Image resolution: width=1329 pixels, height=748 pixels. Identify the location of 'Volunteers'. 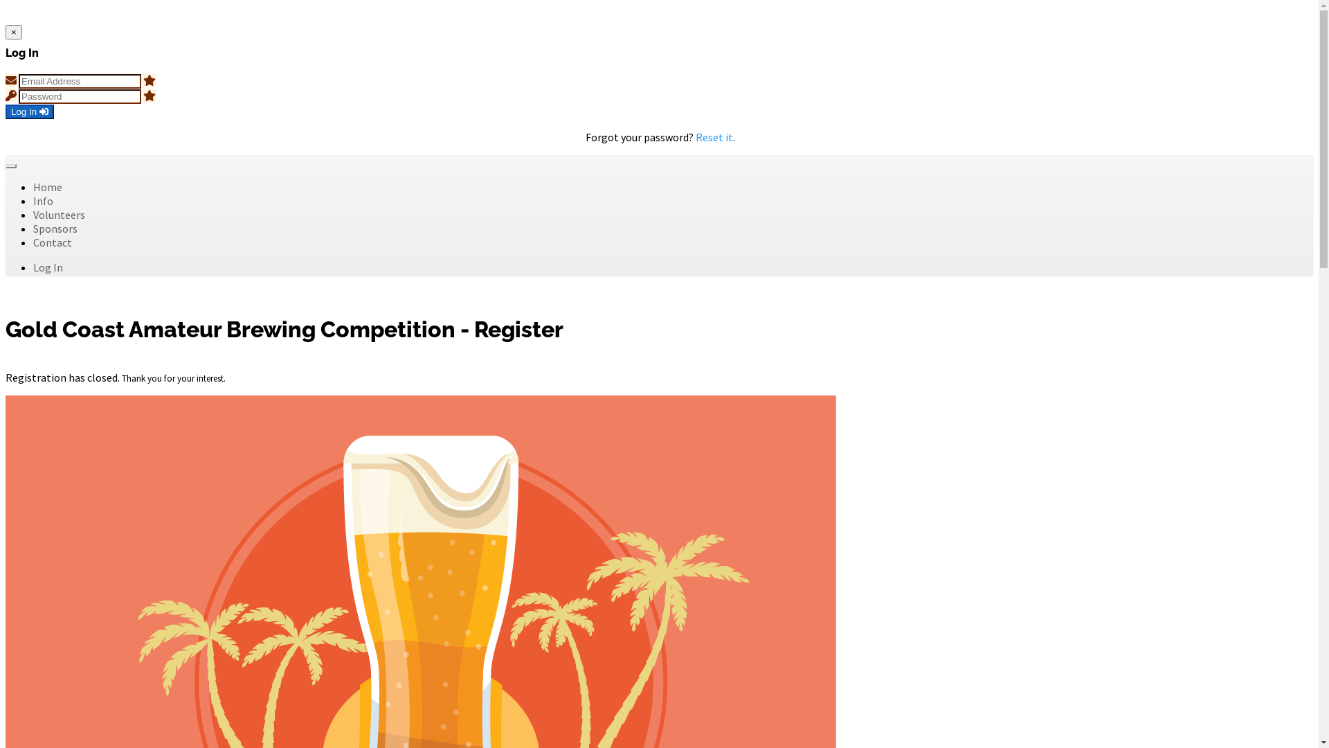
(58, 214).